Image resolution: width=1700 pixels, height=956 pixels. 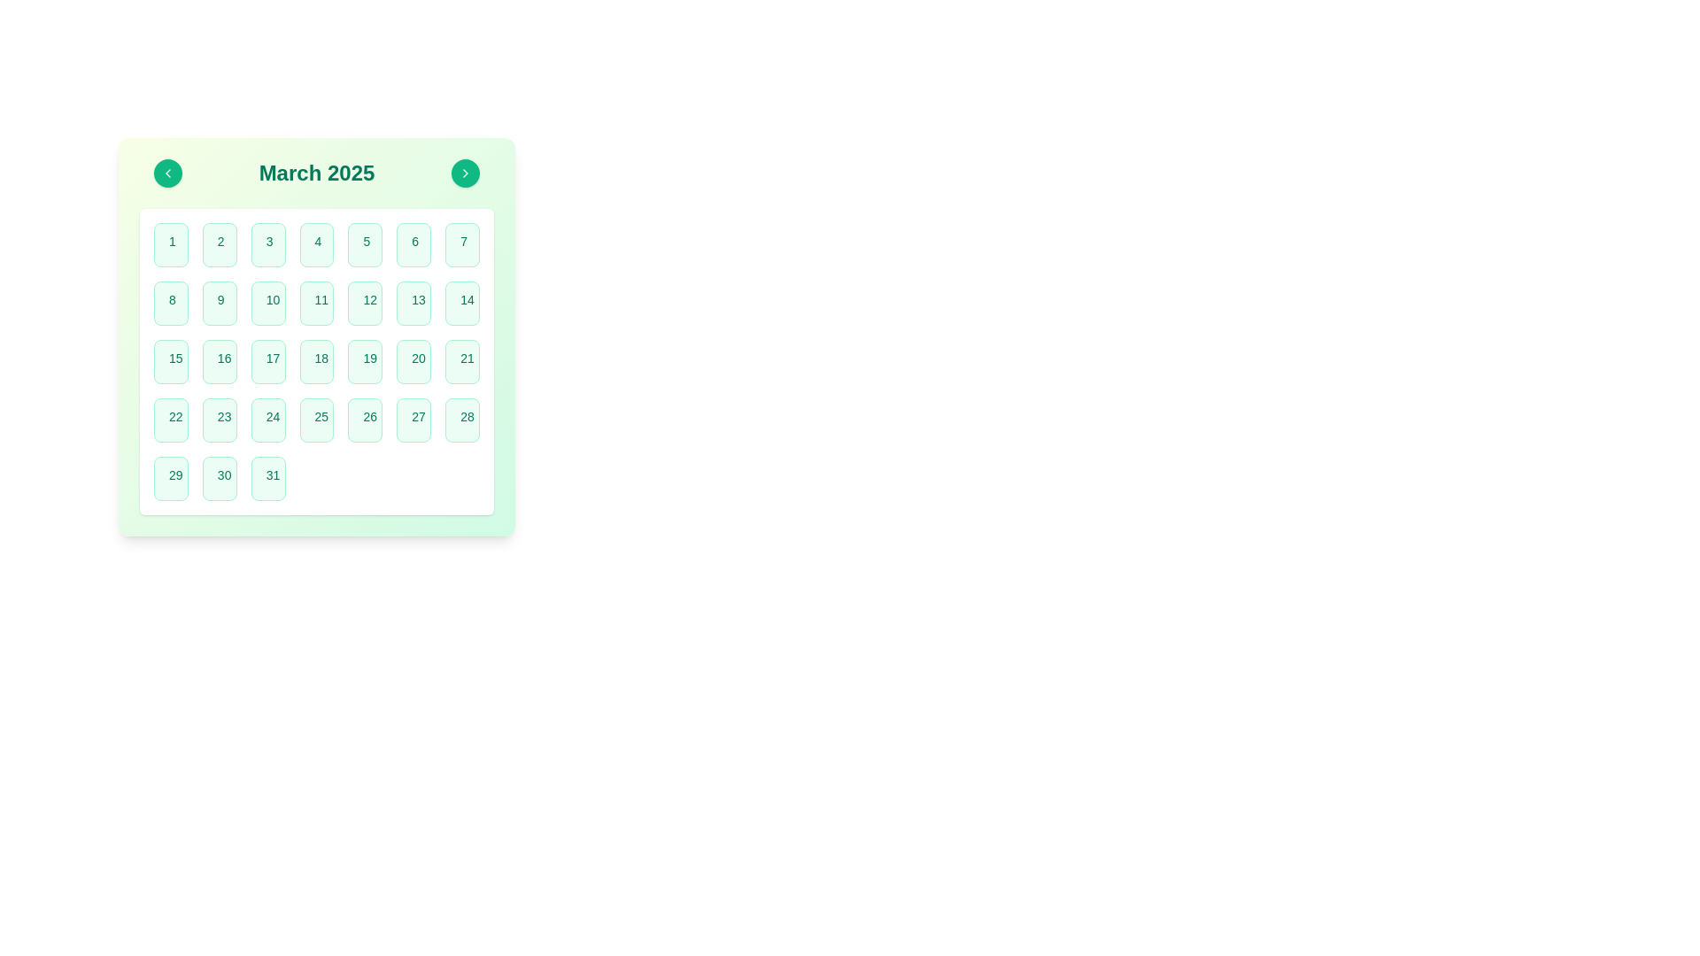 What do you see at coordinates (171, 478) in the screenshot?
I see `the static calendar date cell representing the 29th day of March 2025, located in the last row and first column of the calendar grid` at bounding box center [171, 478].